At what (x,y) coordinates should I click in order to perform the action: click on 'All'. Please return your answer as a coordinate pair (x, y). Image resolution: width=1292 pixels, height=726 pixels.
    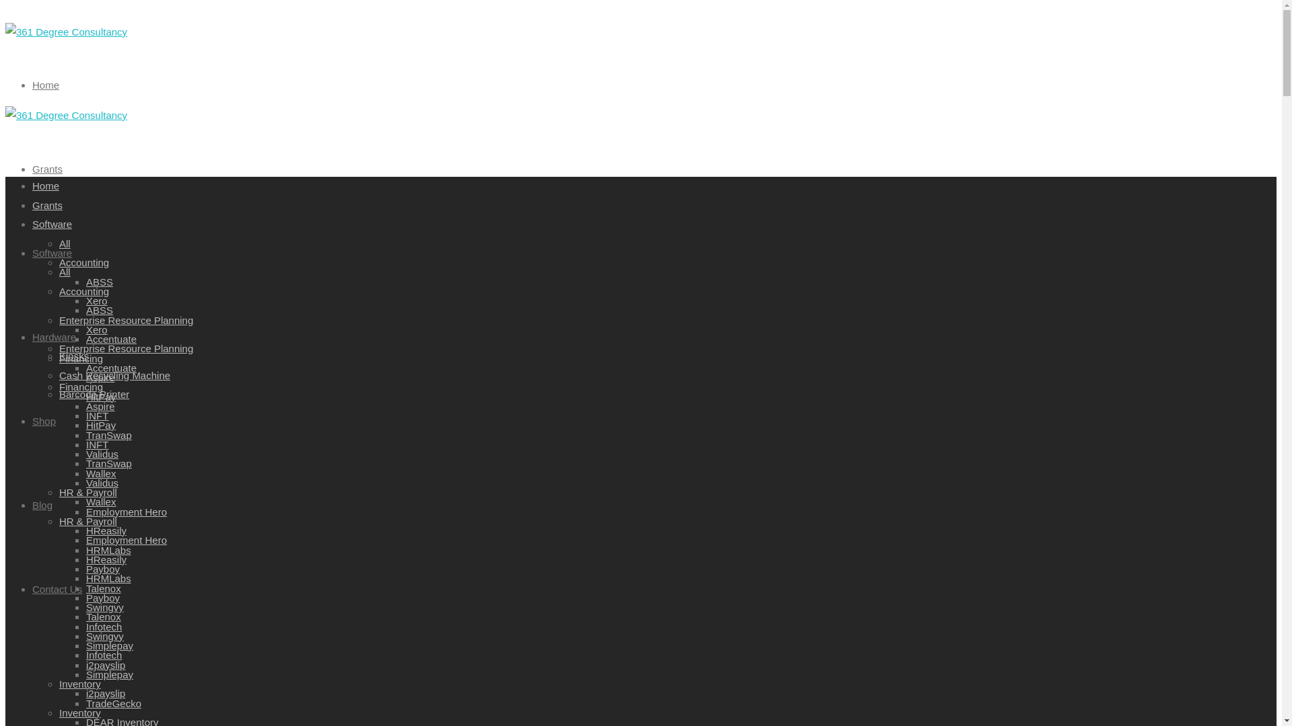
    Looking at the image, I should click on (58, 243).